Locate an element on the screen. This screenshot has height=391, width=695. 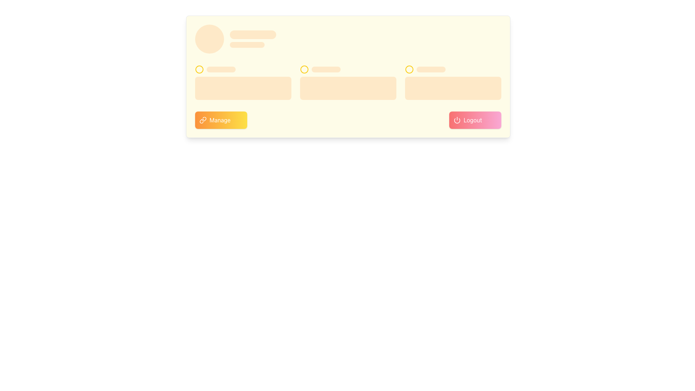
the first circle in the sequence of three, which serves as a visual marker or status indicator, positioned towards the upper middle of the interface is located at coordinates (304, 70).